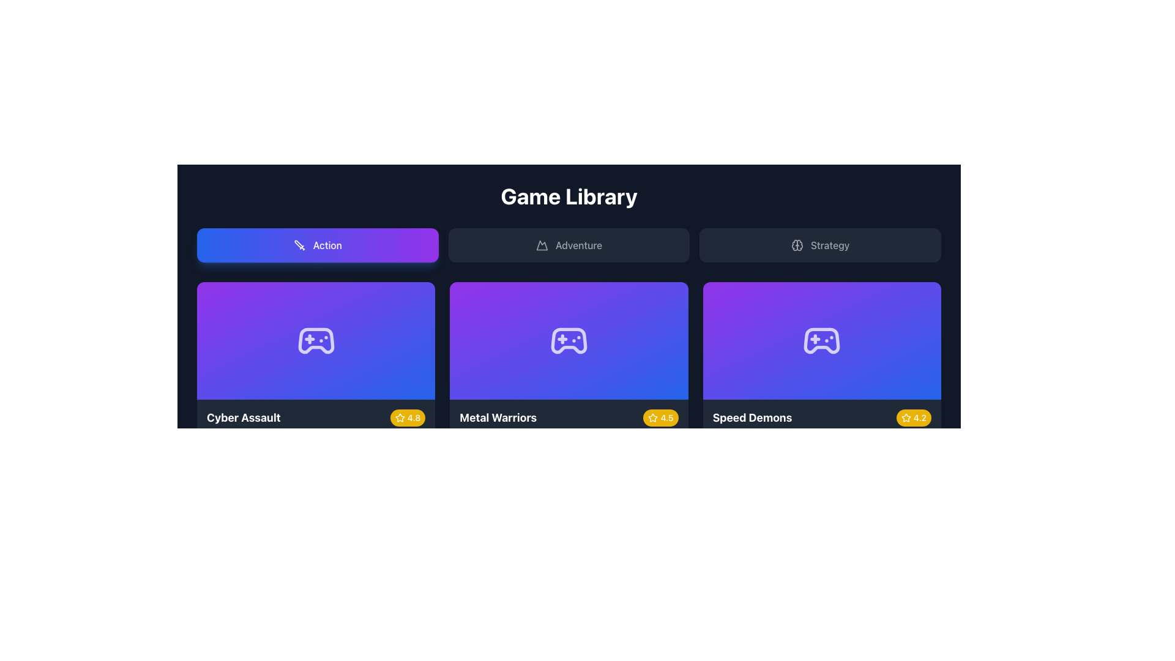 The width and height of the screenshot is (1175, 661). I want to click on rating value displayed on the badge indicating a score of 4.2 for the item 'Speed Demons', located in the bottom-right corner of its card, so click(914, 417).